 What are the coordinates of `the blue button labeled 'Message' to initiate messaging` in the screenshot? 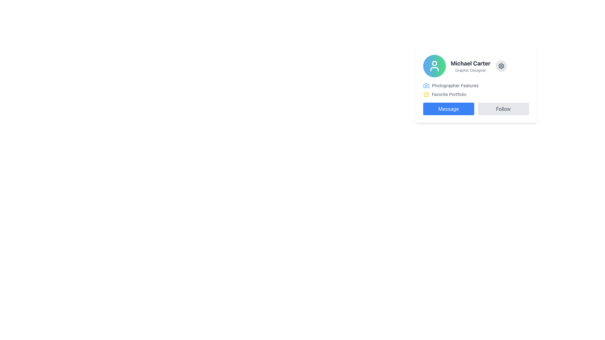 It's located at (448, 109).